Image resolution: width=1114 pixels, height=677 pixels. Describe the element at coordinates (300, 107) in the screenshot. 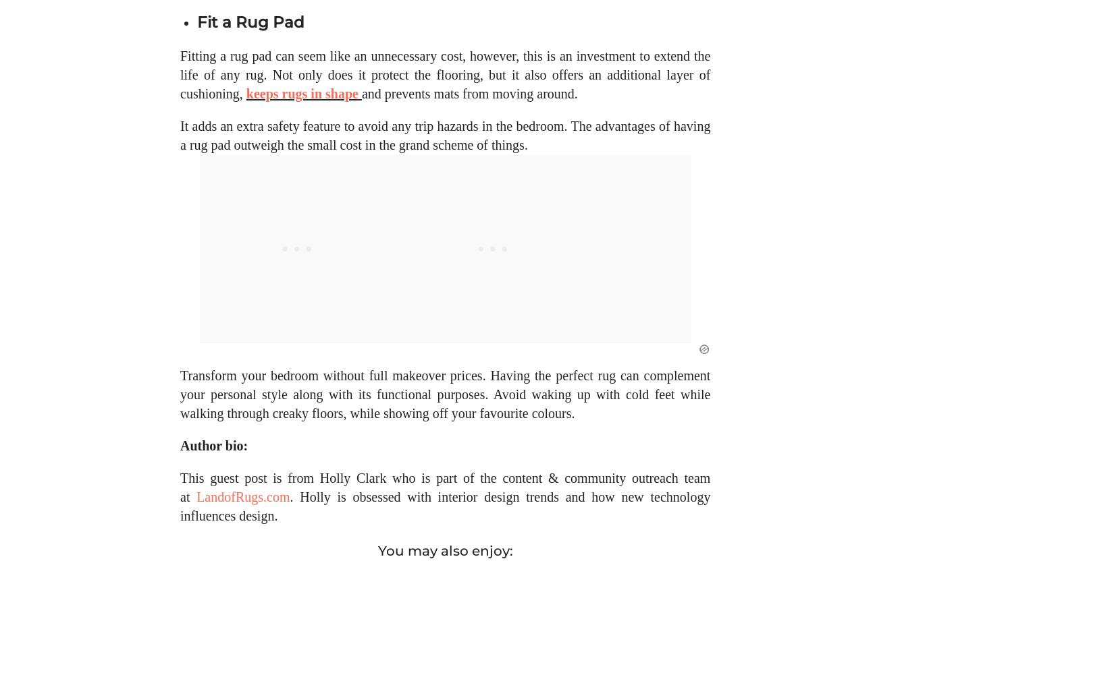

I see `'keeps rugs in shape'` at that location.